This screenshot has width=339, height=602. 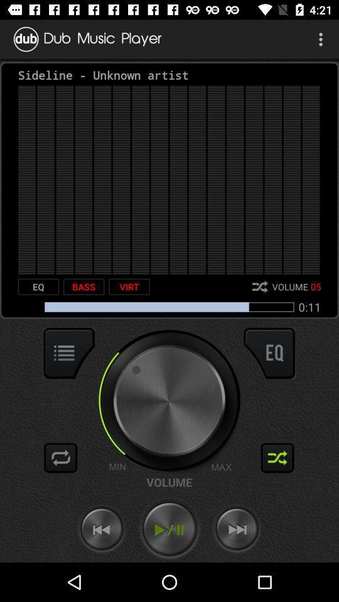 What do you see at coordinates (60, 457) in the screenshot?
I see `repeat option` at bounding box center [60, 457].